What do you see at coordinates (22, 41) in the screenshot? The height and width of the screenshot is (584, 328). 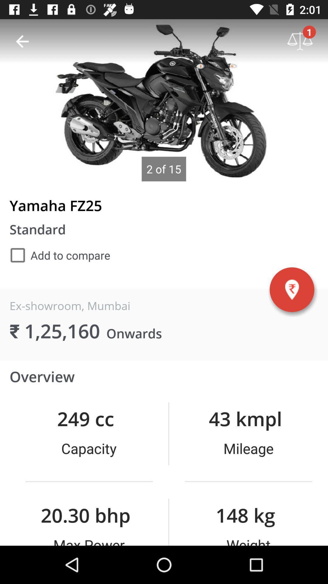 I see `the item above yamaha fz25 icon` at bounding box center [22, 41].